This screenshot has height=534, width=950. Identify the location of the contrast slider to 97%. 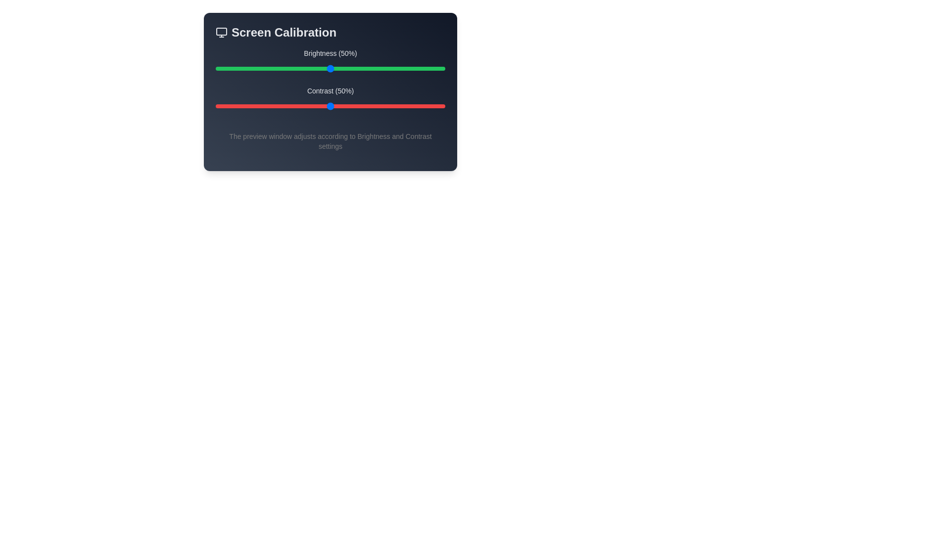
(438, 106).